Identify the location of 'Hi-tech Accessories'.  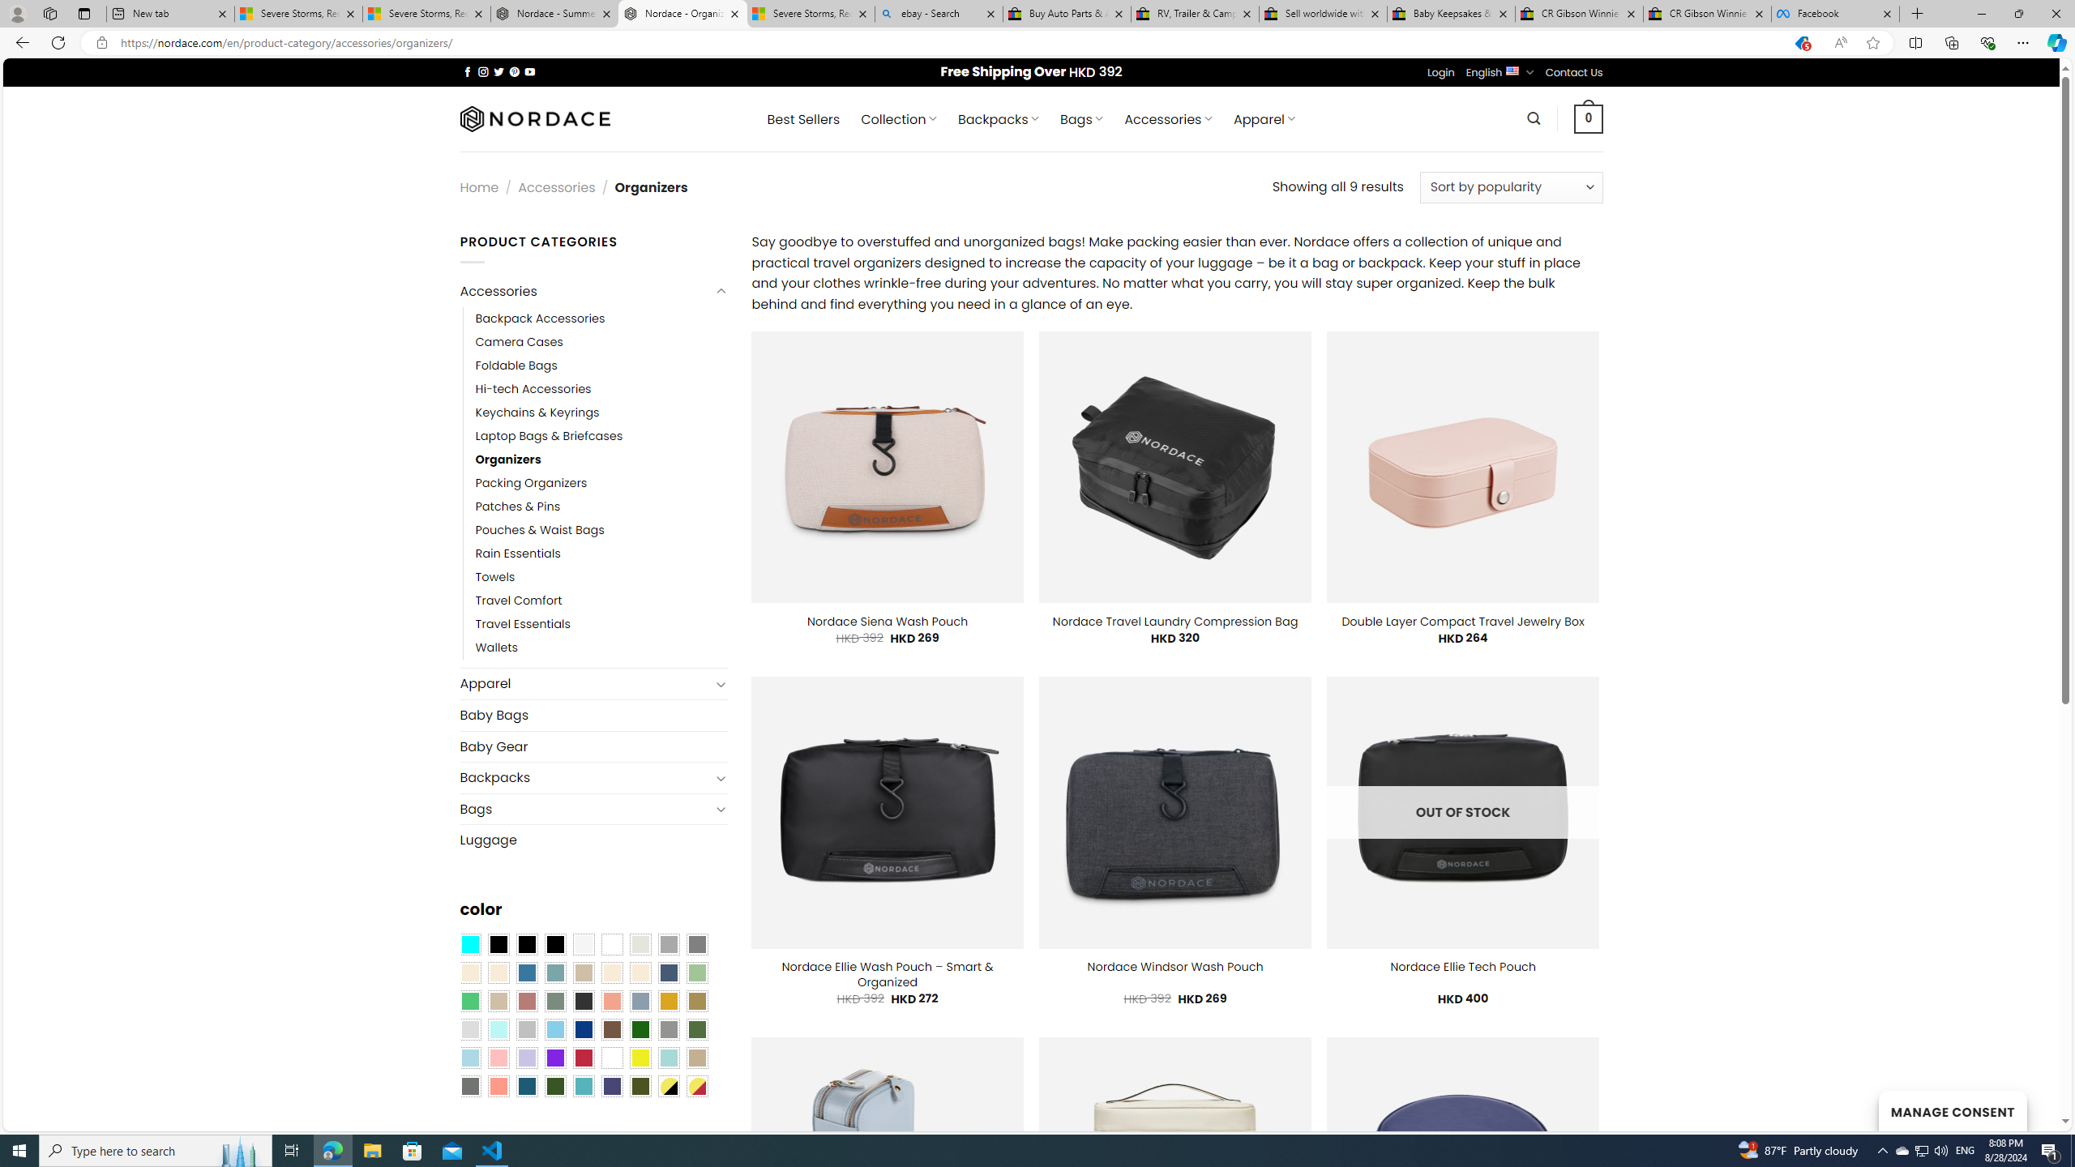
(532, 388).